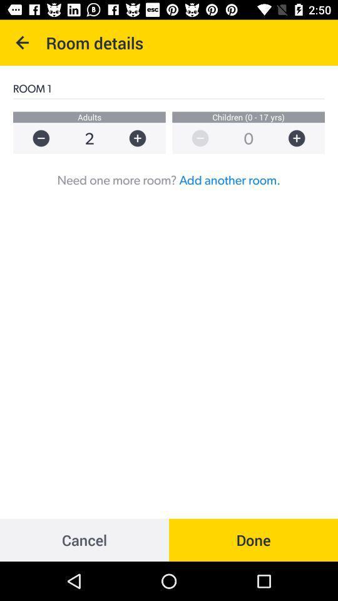 Image resolution: width=338 pixels, height=601 pixels. I want to click on more option, so click(302, 138).